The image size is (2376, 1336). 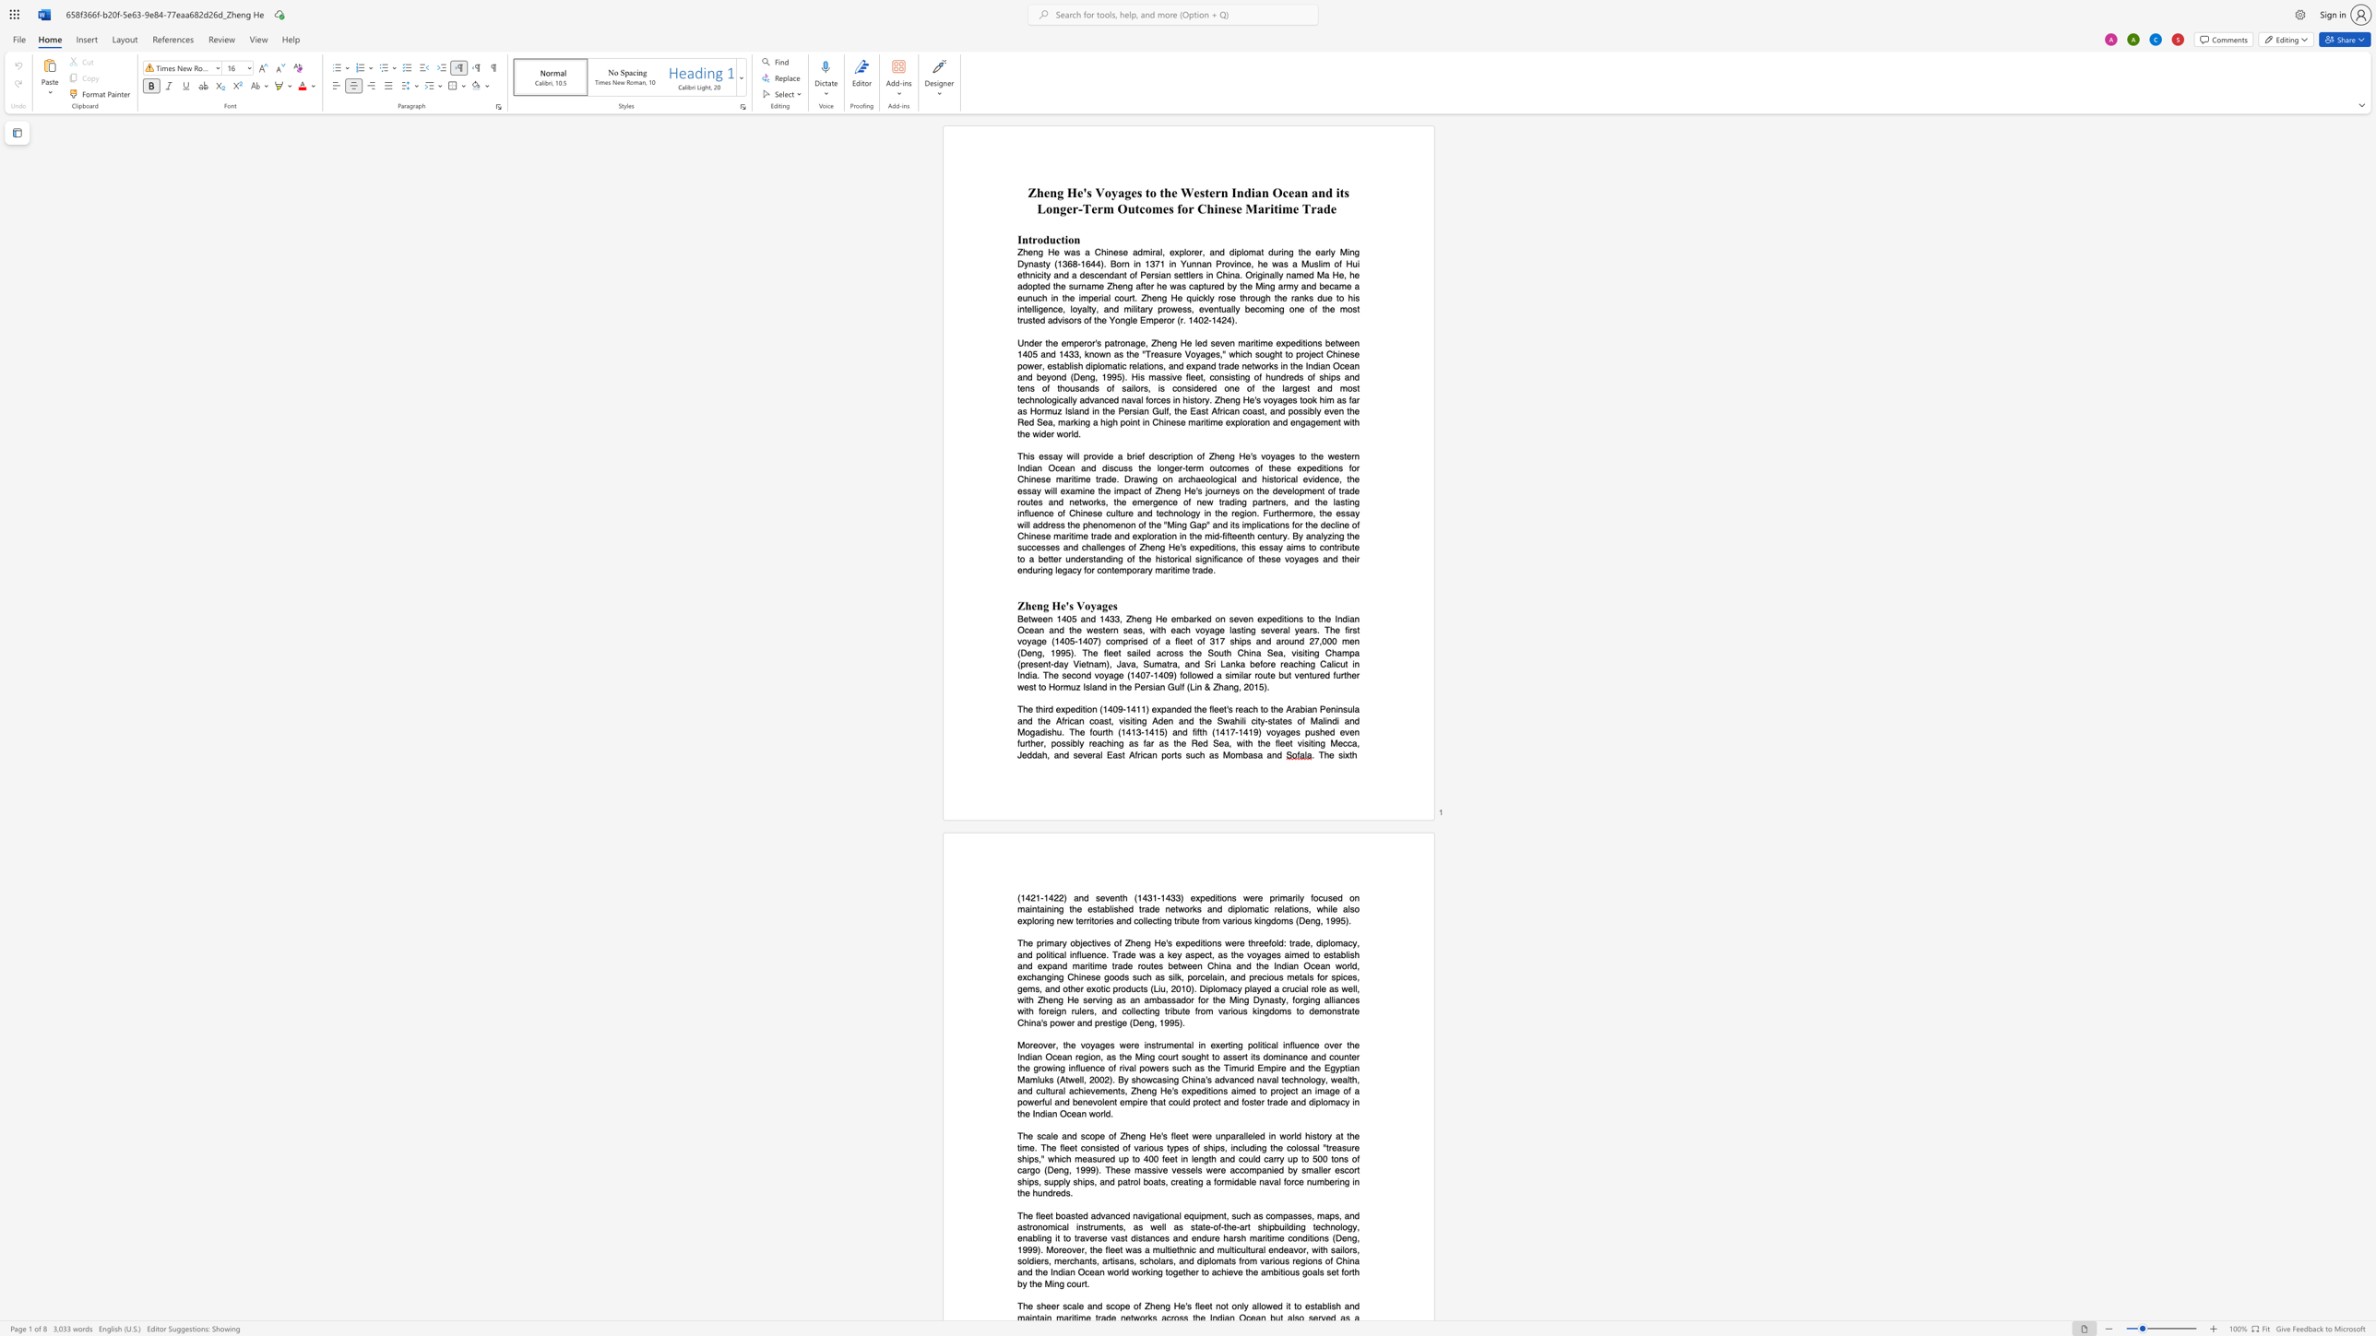 What do you see at coordinates (1165, 896) in the screenshot?
I see `the subset text "433) expeditions" within the text "(1421-1422) and seventh (1431-1433) expeditions were primarily focused on"` at bounding box center [1165, 896].